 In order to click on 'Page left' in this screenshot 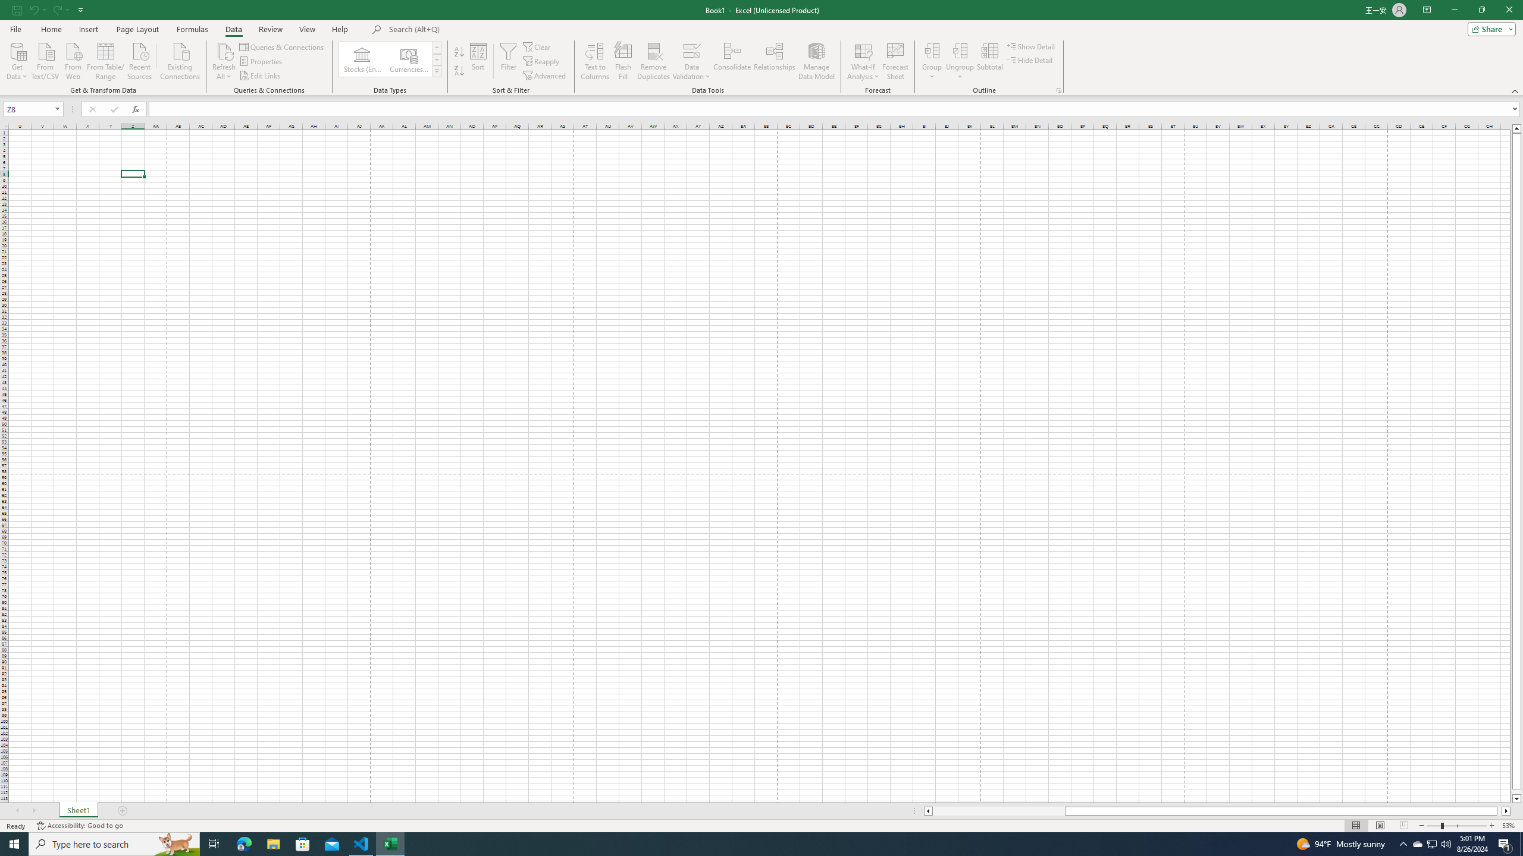, I will do `click(998, 810)`.